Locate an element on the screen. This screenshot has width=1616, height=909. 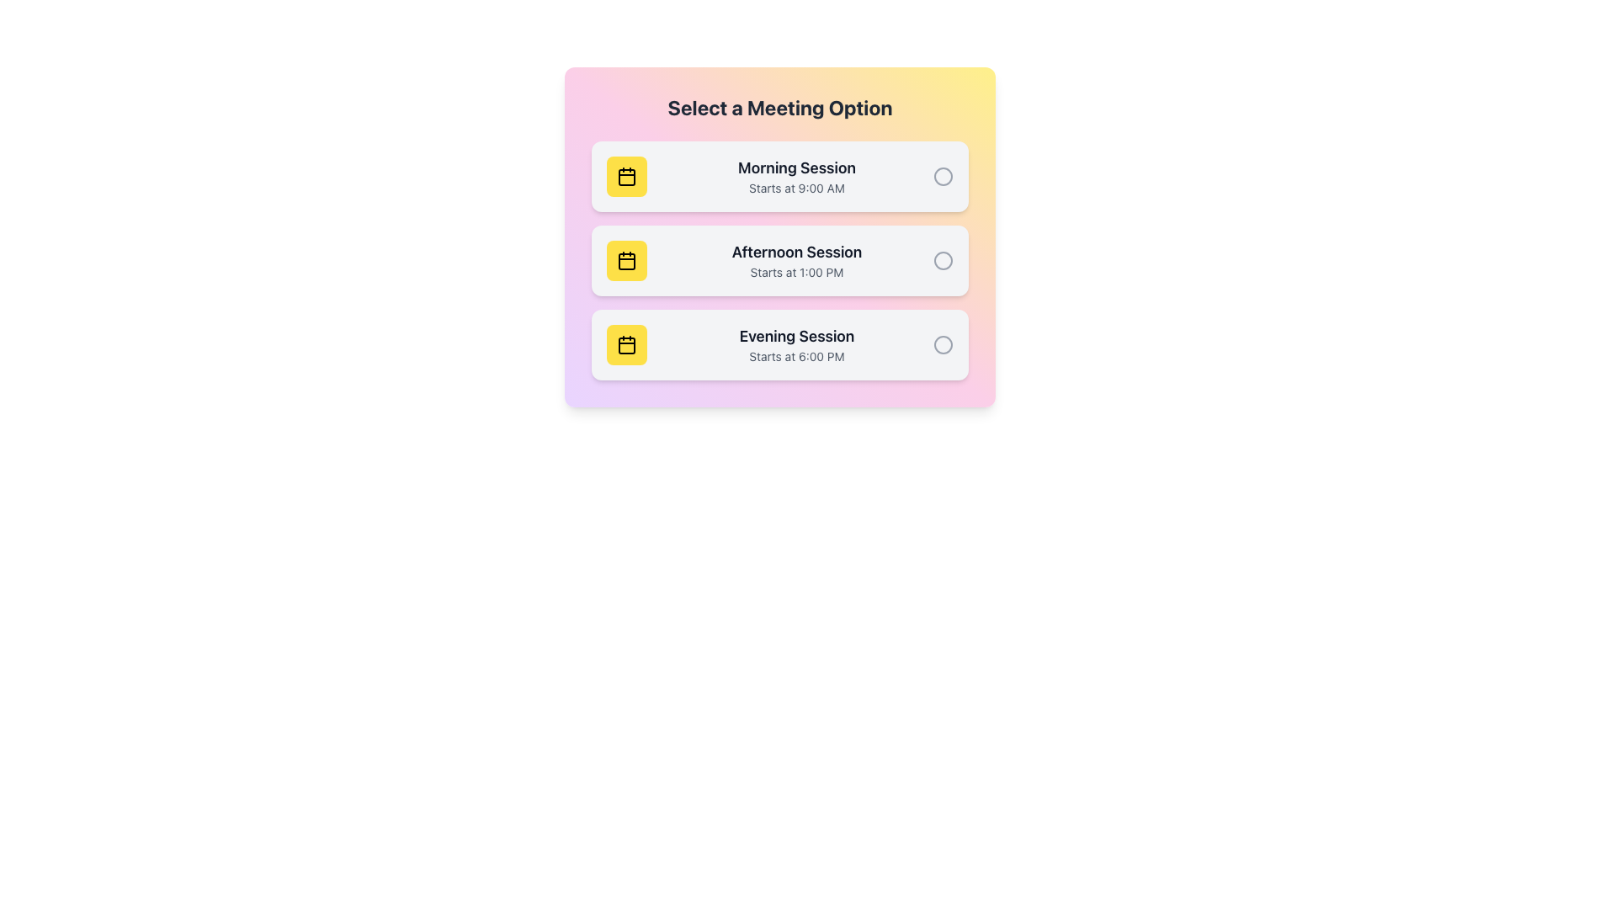
the interactive card labeled 'Evening Session' which features a radio button, a calendar icon in a yellow square, and displays the title and subtitle text is located at coordinates (779, 343).